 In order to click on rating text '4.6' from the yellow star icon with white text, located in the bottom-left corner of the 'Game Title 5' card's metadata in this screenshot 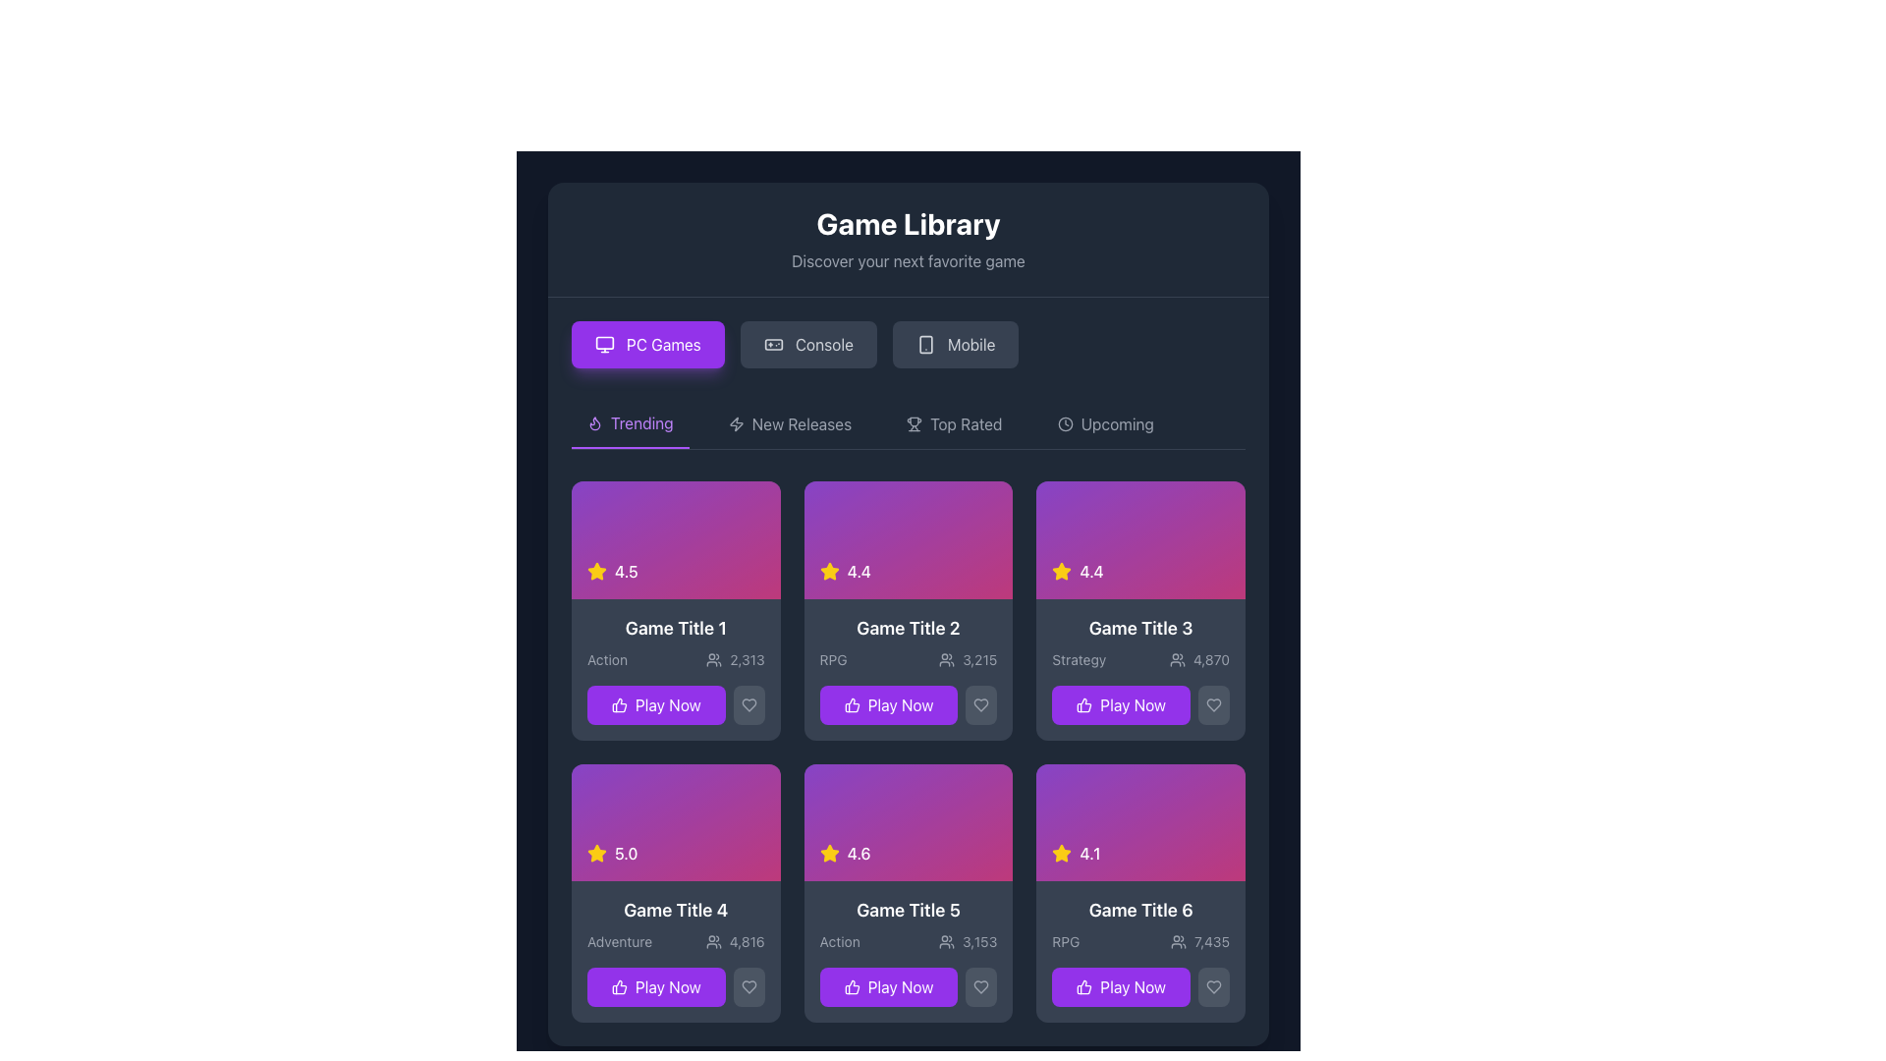, I will do `click(845, 853)`.